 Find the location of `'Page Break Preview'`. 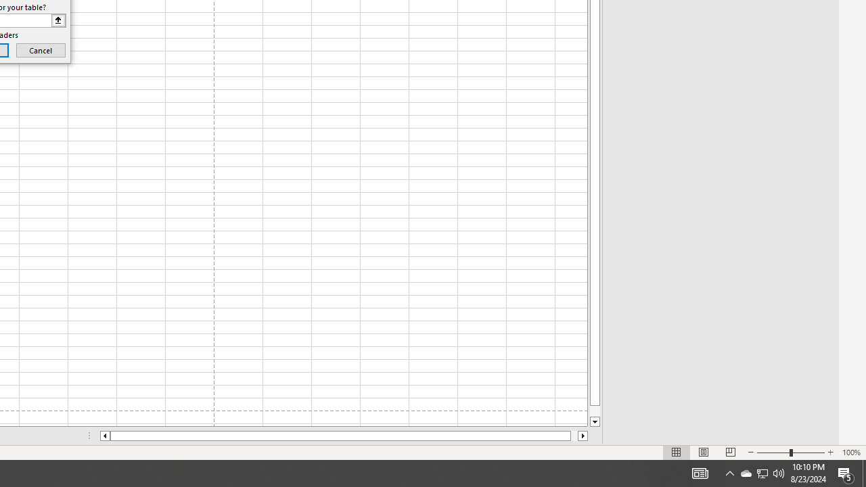

'Page Break Preview' is located at coordinates (729, 453).